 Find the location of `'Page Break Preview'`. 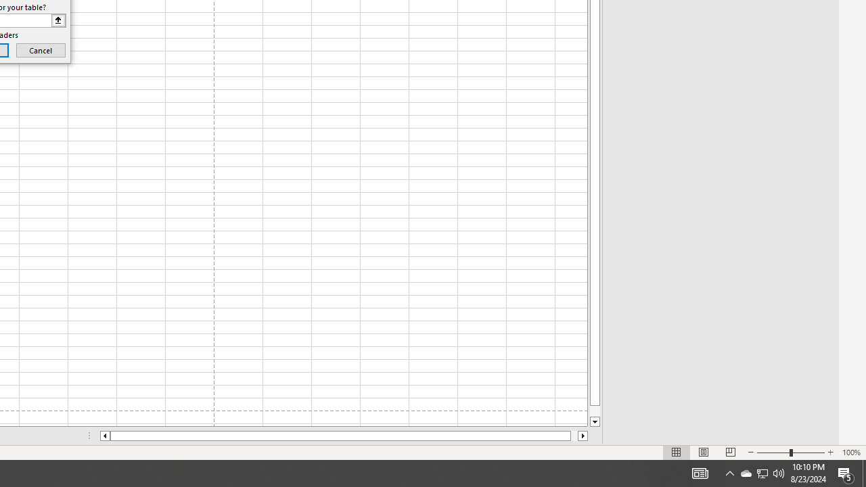

'Page Break Preview' is located at coordinates (729, 453).